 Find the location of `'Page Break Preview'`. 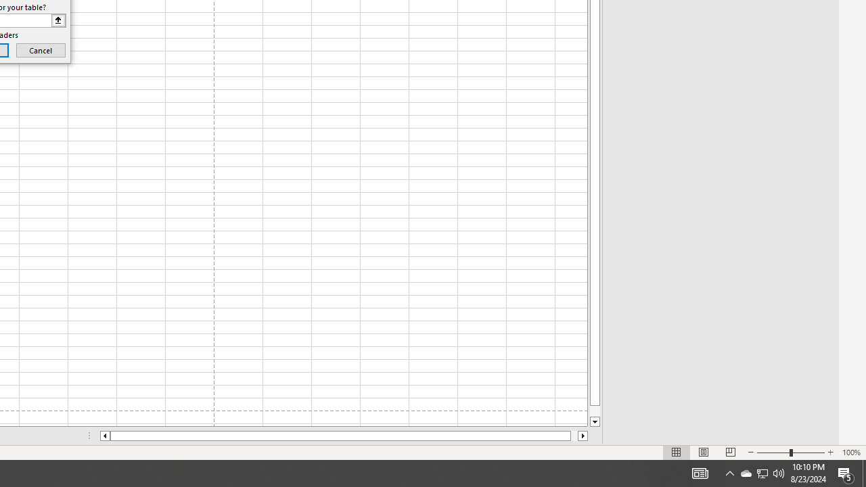

'Page Break Preview' is located at coordinates (729, 453).